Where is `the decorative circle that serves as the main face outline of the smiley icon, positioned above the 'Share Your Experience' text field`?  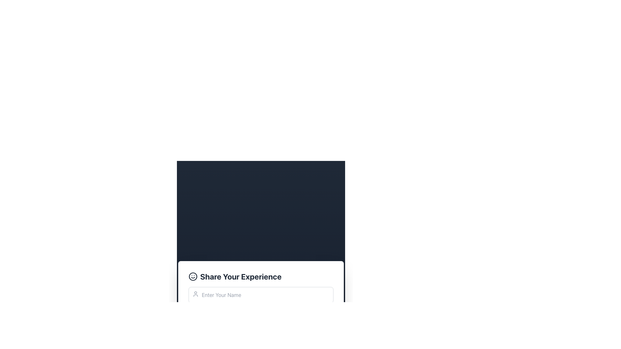
the decorative circle that serves as the main face outline of the smiley icon, positioned above the 'Share Your Experience' text field is located at coordinates (192, 276).